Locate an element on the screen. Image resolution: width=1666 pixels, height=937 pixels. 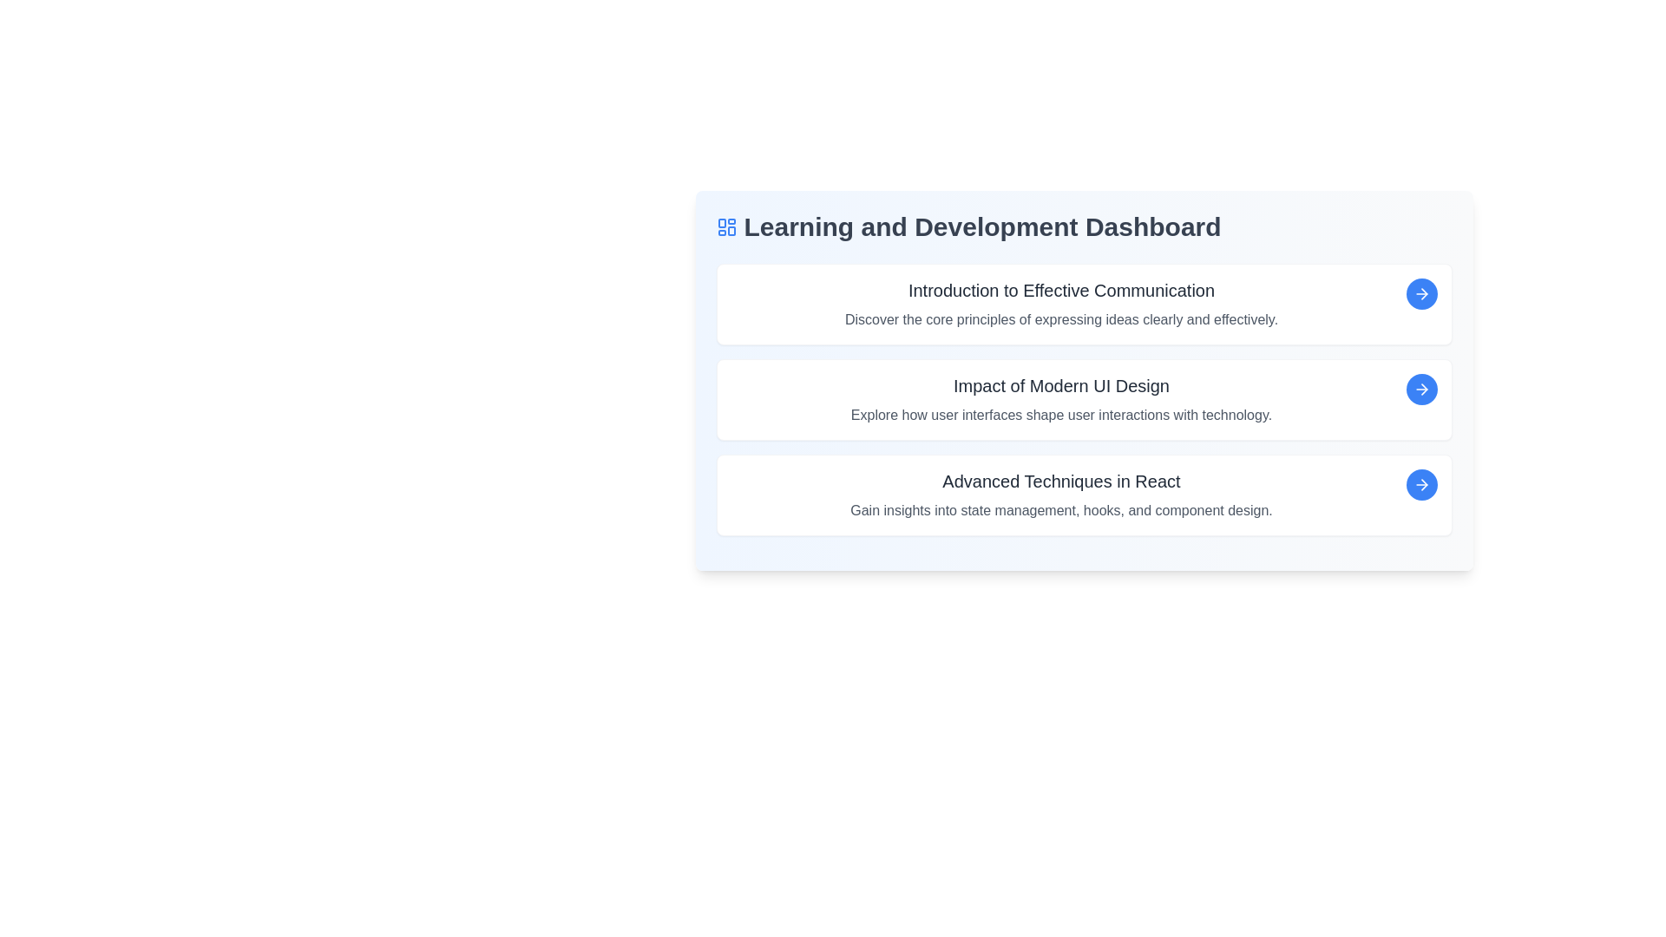
the circular blue button with a white arrow icon located at the top-right corner of the 'Introduction to Effective Communication' card is located at coordinates (1421, 293).